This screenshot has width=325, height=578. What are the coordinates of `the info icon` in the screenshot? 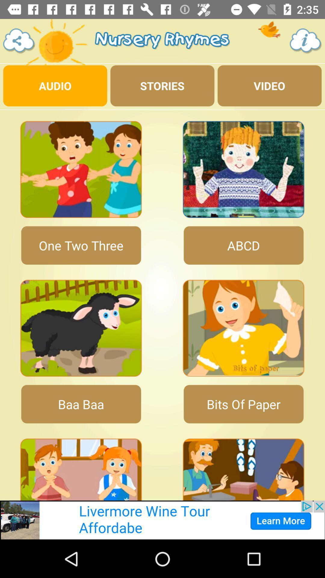 It's located at (306, 41).